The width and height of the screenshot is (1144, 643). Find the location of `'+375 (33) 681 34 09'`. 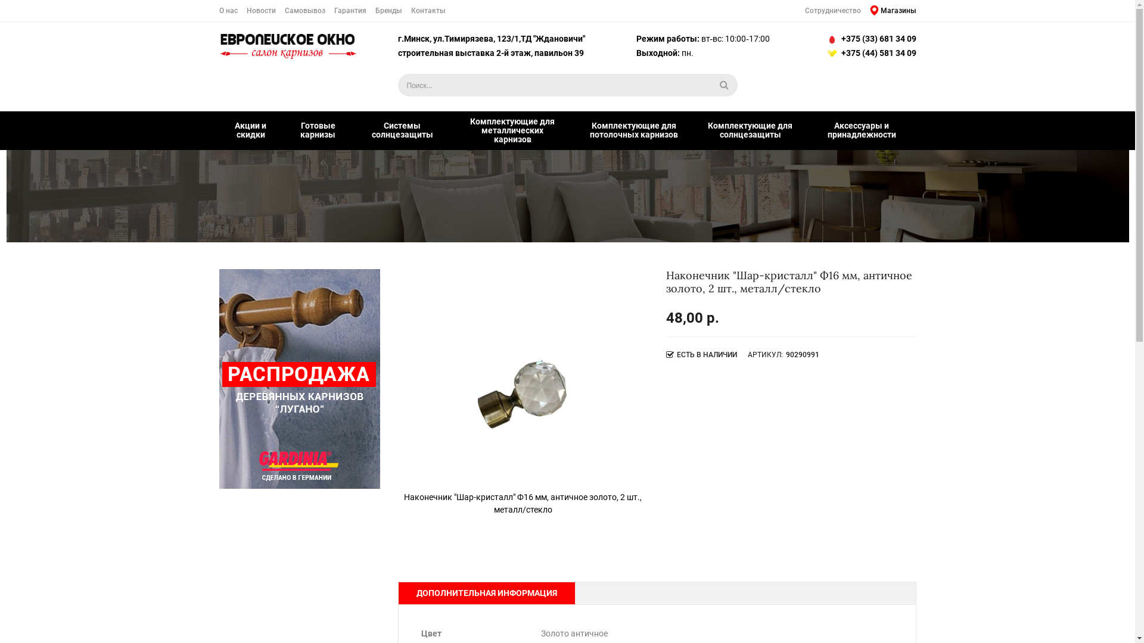

'+375 (33) 681 34 09' is located at coordinates (869, 38).